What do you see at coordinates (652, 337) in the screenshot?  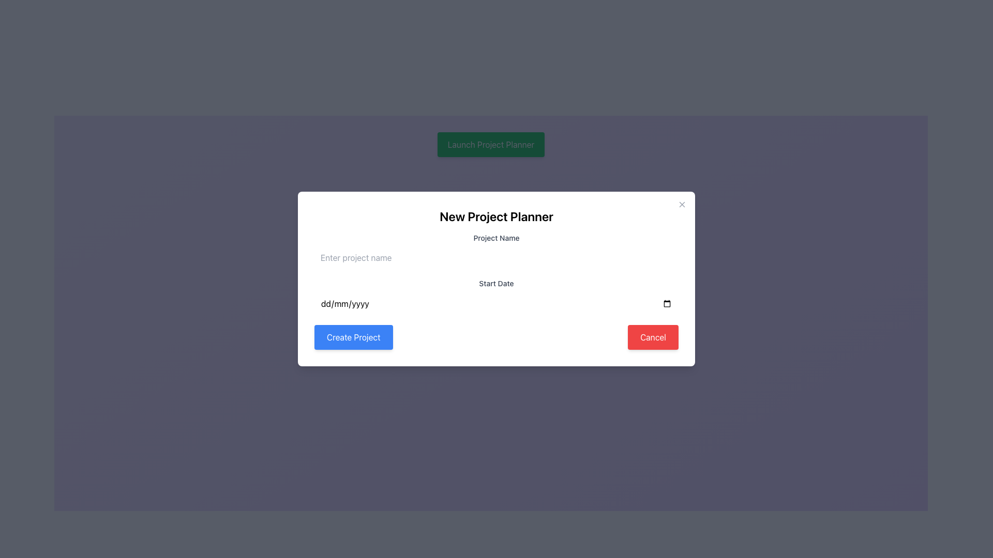 I see `the cancel button located at the bottom-right corner of the white modal dialog` at bounding box center [652, 337].